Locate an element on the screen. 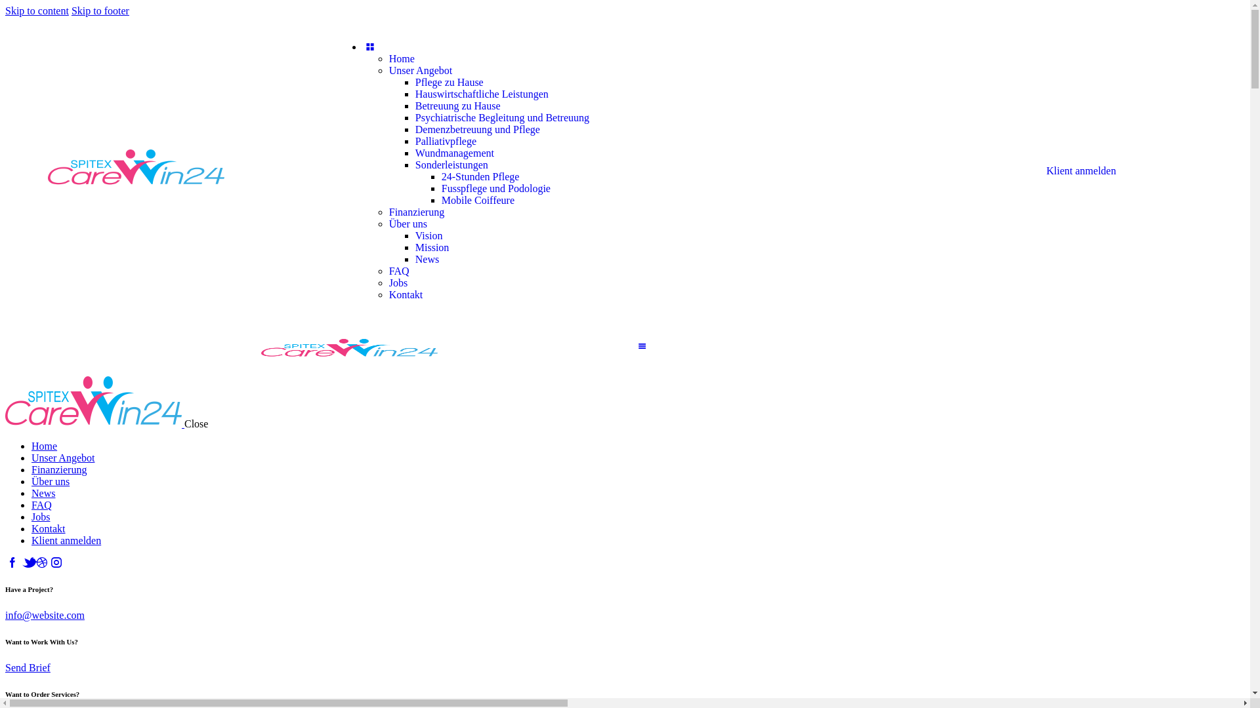 The height and width of the screenshot is (708, 1260). 'Vision' is located at coordinates (429, 235).